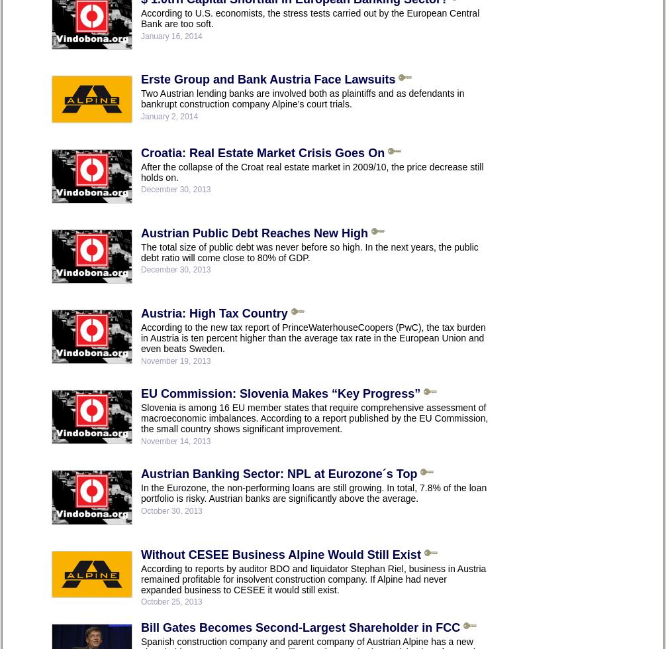  Describe the element at coordinates (254, 232) in the screenshot. I see `'Austrian Public Debt Reaches New High'` at that location.